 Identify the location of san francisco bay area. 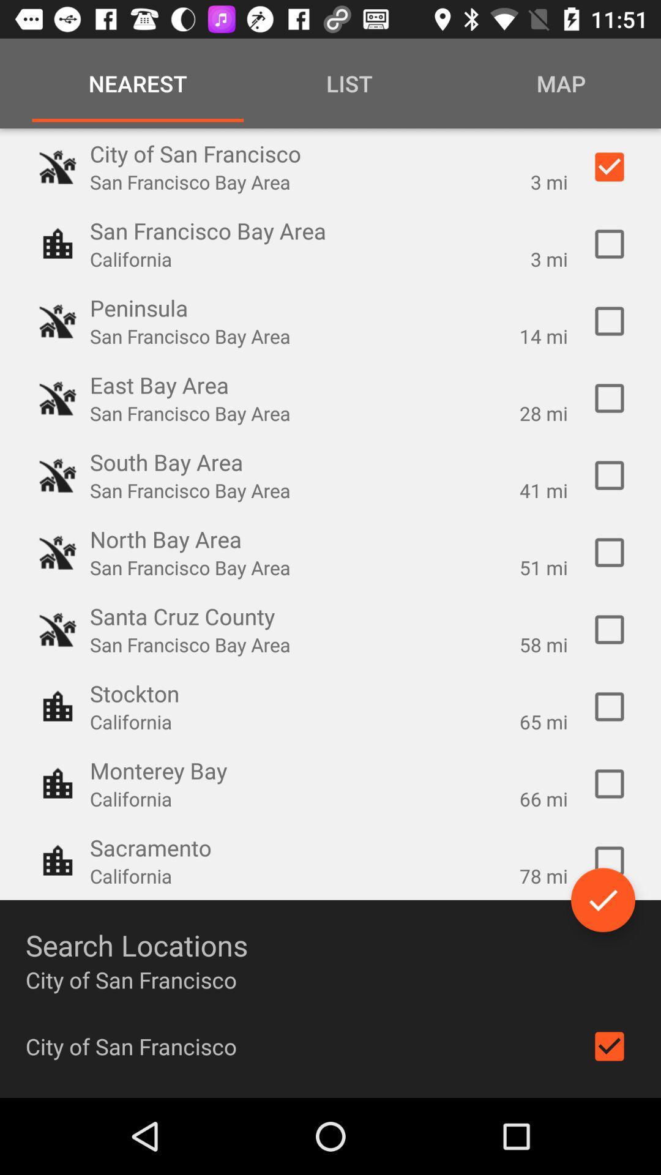
(609, 244).